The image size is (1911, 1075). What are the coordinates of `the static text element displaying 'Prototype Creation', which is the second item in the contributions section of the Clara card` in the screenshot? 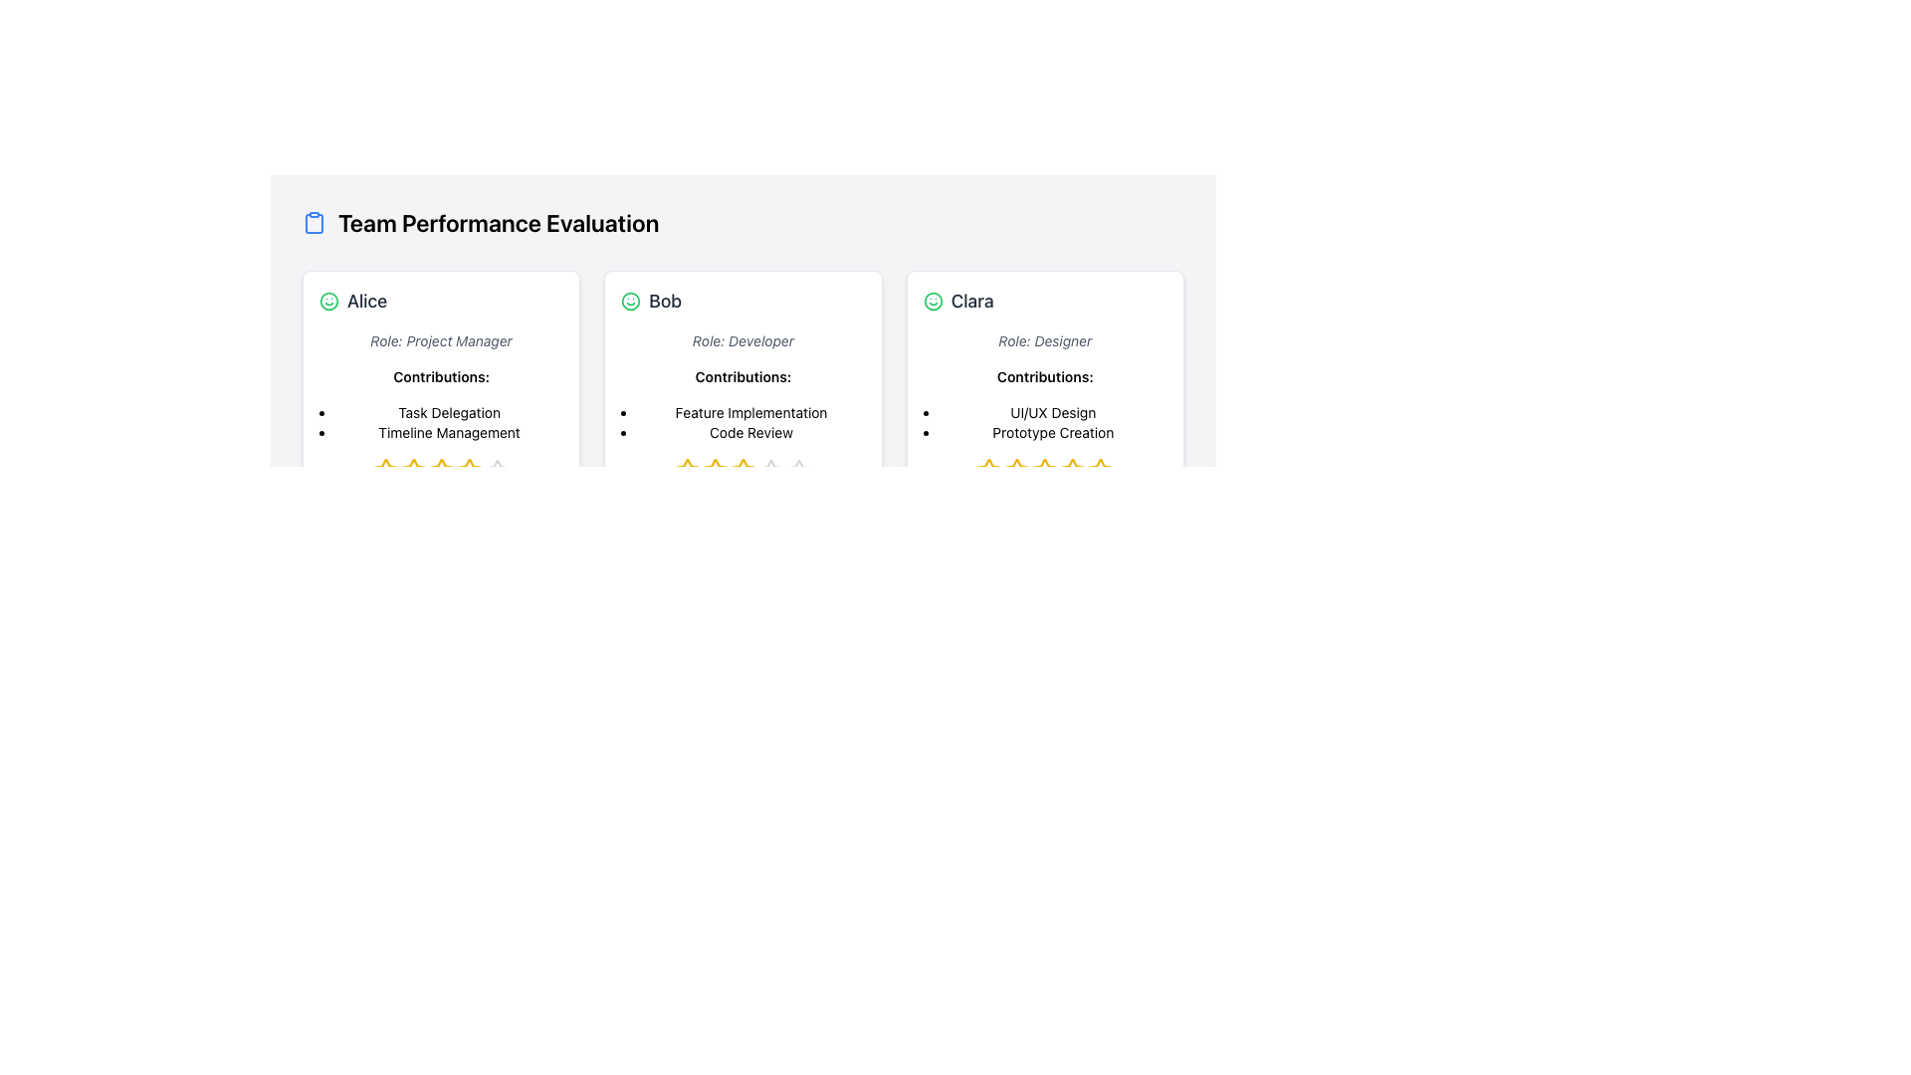 It's located at (1052, 432).